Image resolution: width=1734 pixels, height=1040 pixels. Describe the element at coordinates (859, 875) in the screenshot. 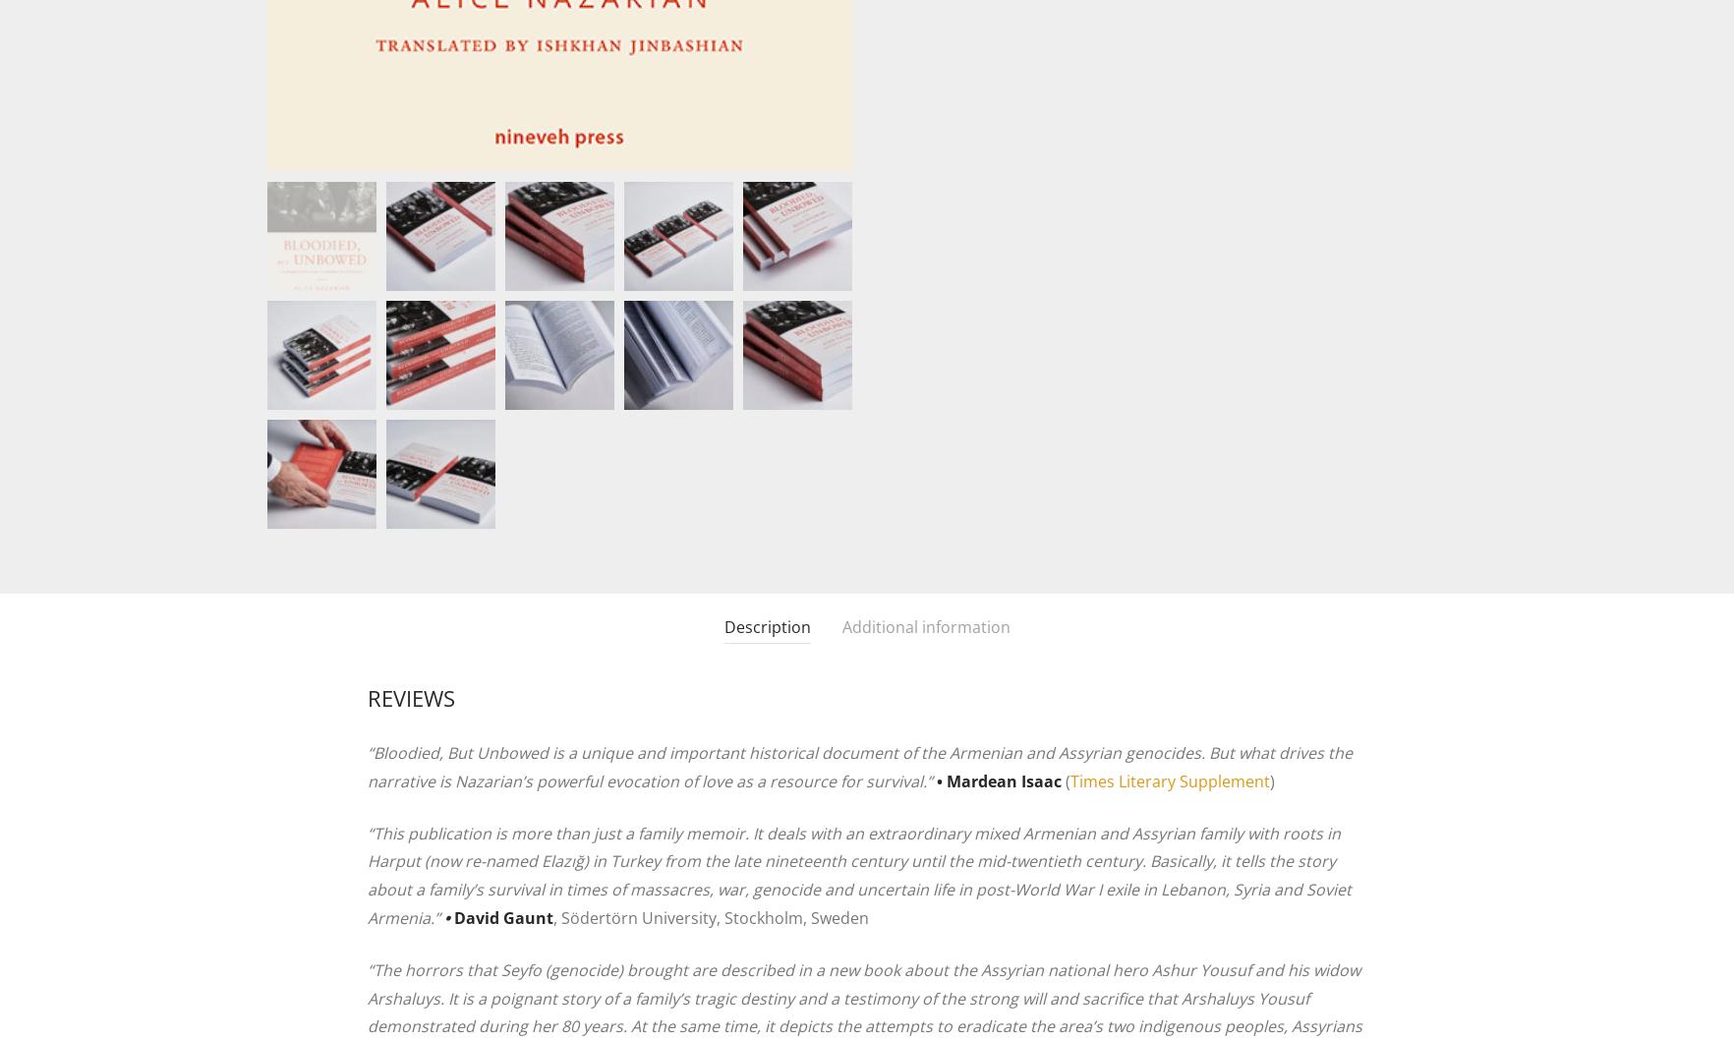

I see `'“This publication is more than just a family memoir. It deals with an extraordinary mixed Armenian and Assyrian family with roots in Harput (now re-named Elazığ) in Turkey from the late nineteenth century until the mid-twentieth century. Basically, it tells the story about a family’s survival in times of massacres, war, genocide and uncertain life in post-World War I exile in Lebanon, Syria and Soviet Armenia.”'` at that location.